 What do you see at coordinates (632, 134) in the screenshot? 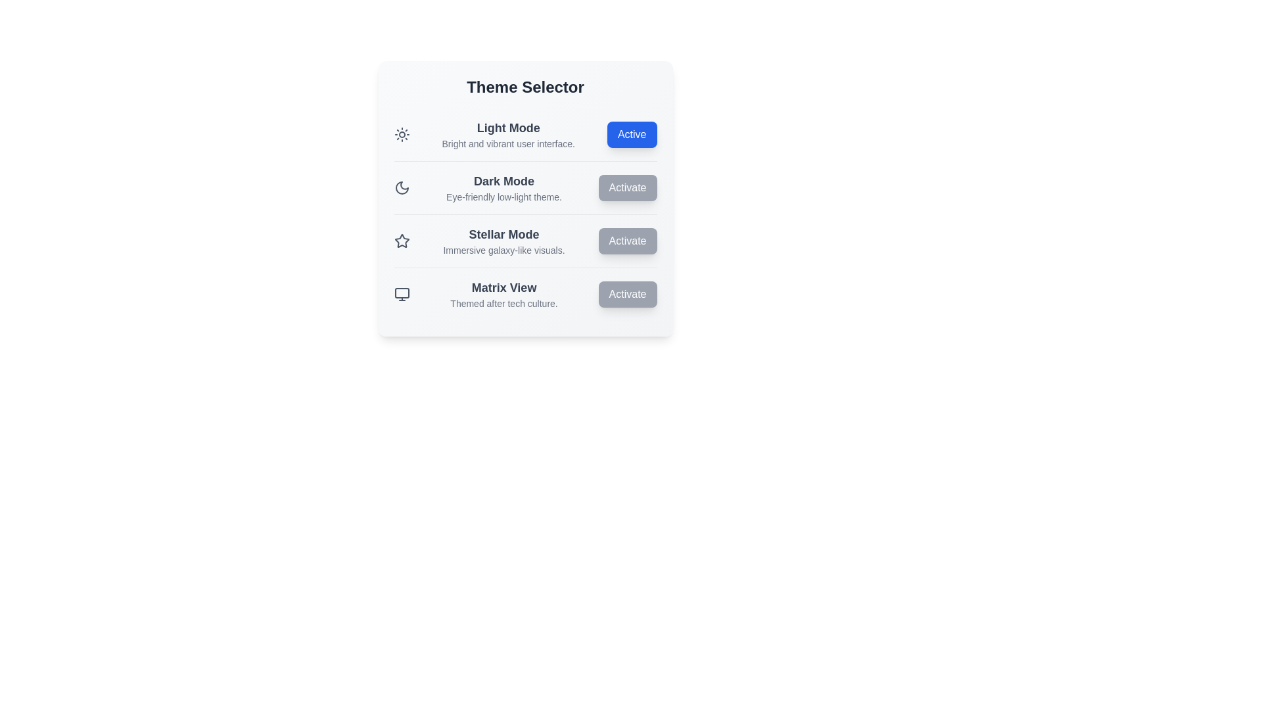
I see `'Activate' button for the theme specified by Light Mode` at bounding box center [632, 134].